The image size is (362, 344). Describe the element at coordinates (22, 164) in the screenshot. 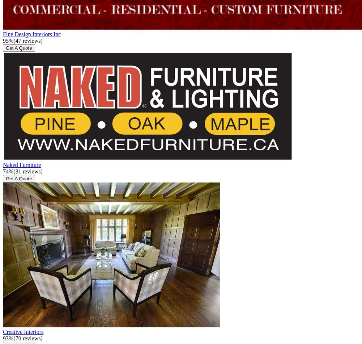

I see `'Naked Furniture'` at that location.